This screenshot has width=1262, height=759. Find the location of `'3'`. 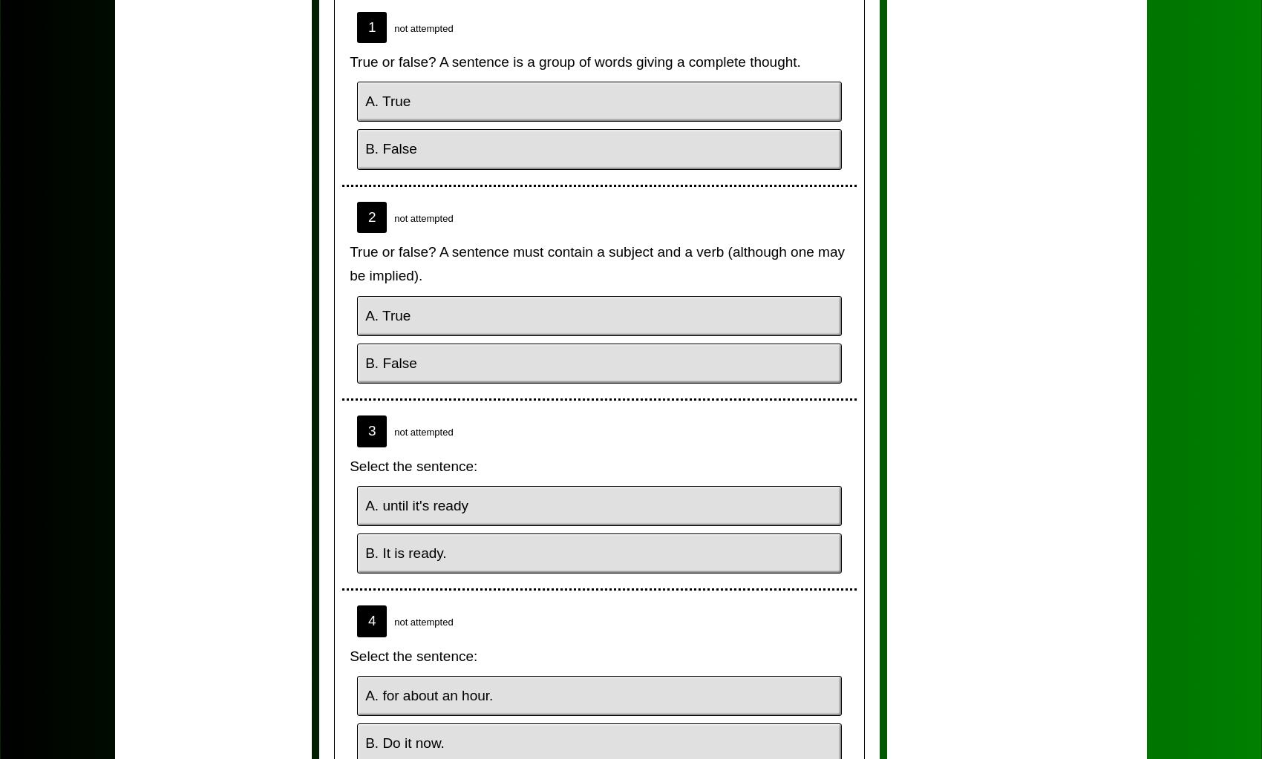

'3' is located at coordinates (371, 430).